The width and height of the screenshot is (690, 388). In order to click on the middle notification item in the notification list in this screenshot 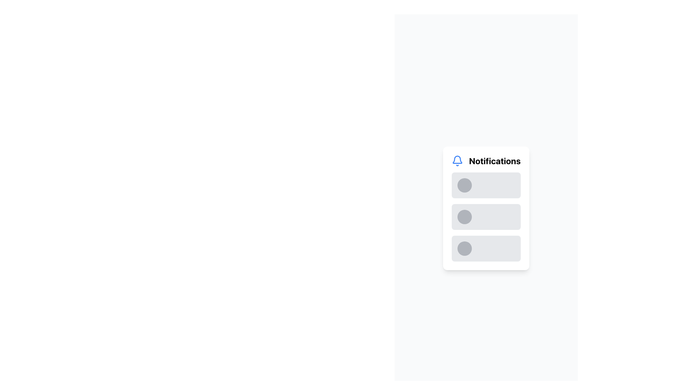, I will do `click(486, 208)`.